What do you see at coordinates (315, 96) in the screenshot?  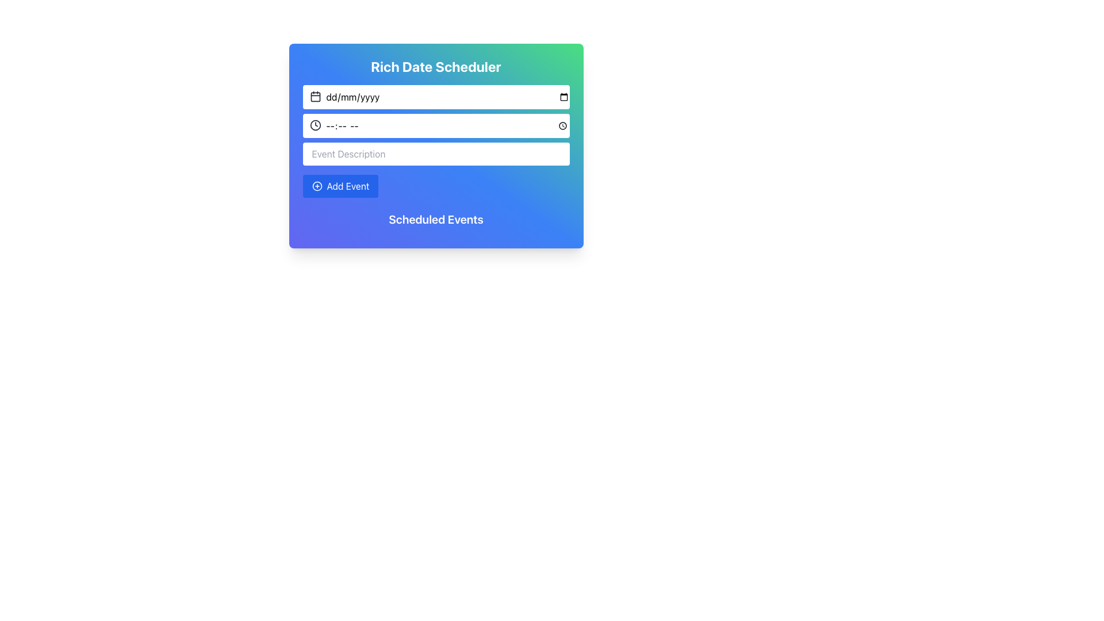 I see `the calendar icon located to the left of the date input field with the placeholder 'dd/mm/yyyy'` at bounding box center [315, 96].